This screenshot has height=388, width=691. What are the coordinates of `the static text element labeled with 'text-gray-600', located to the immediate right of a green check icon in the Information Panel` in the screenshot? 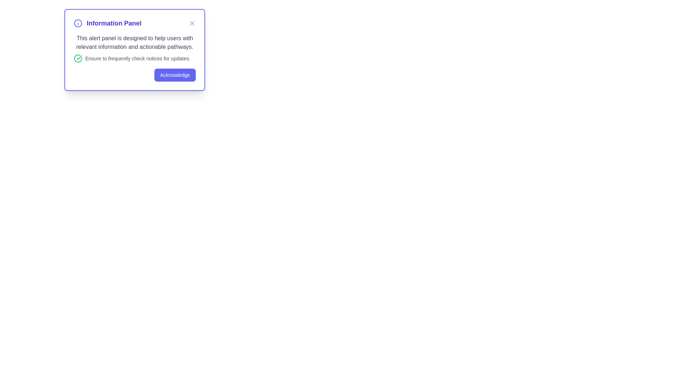 It's located at (137, 58).